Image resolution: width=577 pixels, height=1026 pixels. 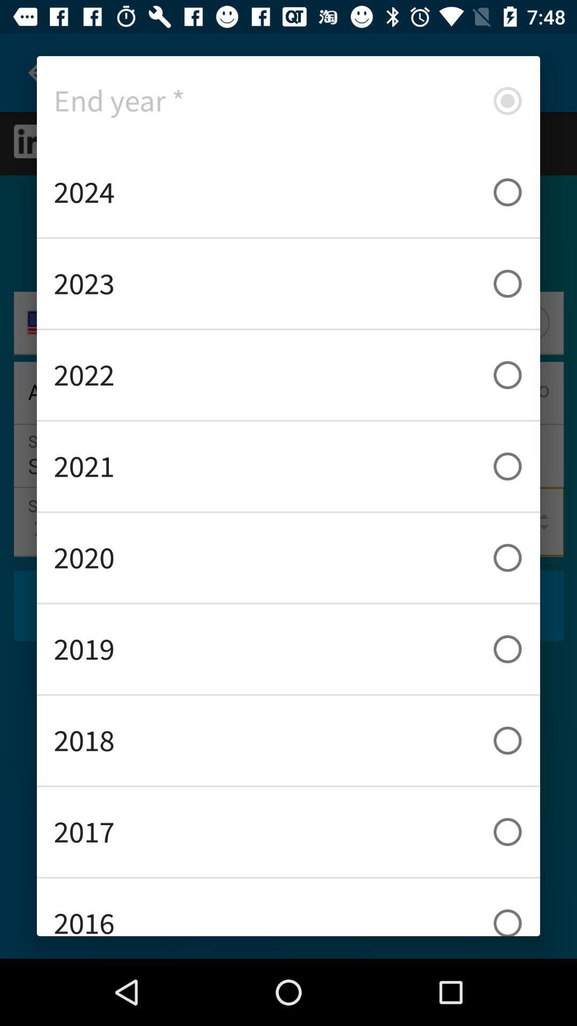 What do you see at coordinates (288, 907) in the screenshot?
I see `the 2016 item` at bounding box center [288, 907].